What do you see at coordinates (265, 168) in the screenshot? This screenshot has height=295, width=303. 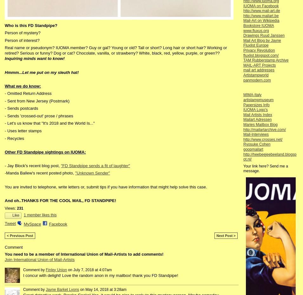 I see `'Your link here? Send me a message.'` at bounding box center [265, 168].